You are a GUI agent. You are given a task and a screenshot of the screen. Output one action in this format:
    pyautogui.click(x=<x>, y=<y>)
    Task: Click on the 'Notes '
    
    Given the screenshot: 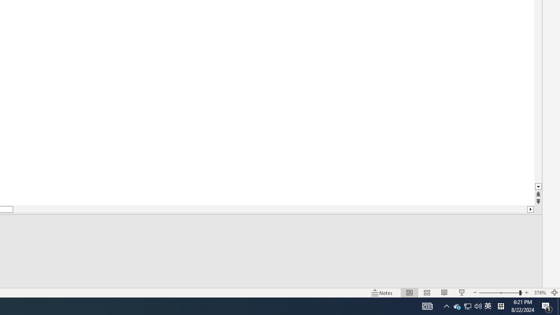 What is the action you would take?
    pyautogui.click(x=382, y=293)
    